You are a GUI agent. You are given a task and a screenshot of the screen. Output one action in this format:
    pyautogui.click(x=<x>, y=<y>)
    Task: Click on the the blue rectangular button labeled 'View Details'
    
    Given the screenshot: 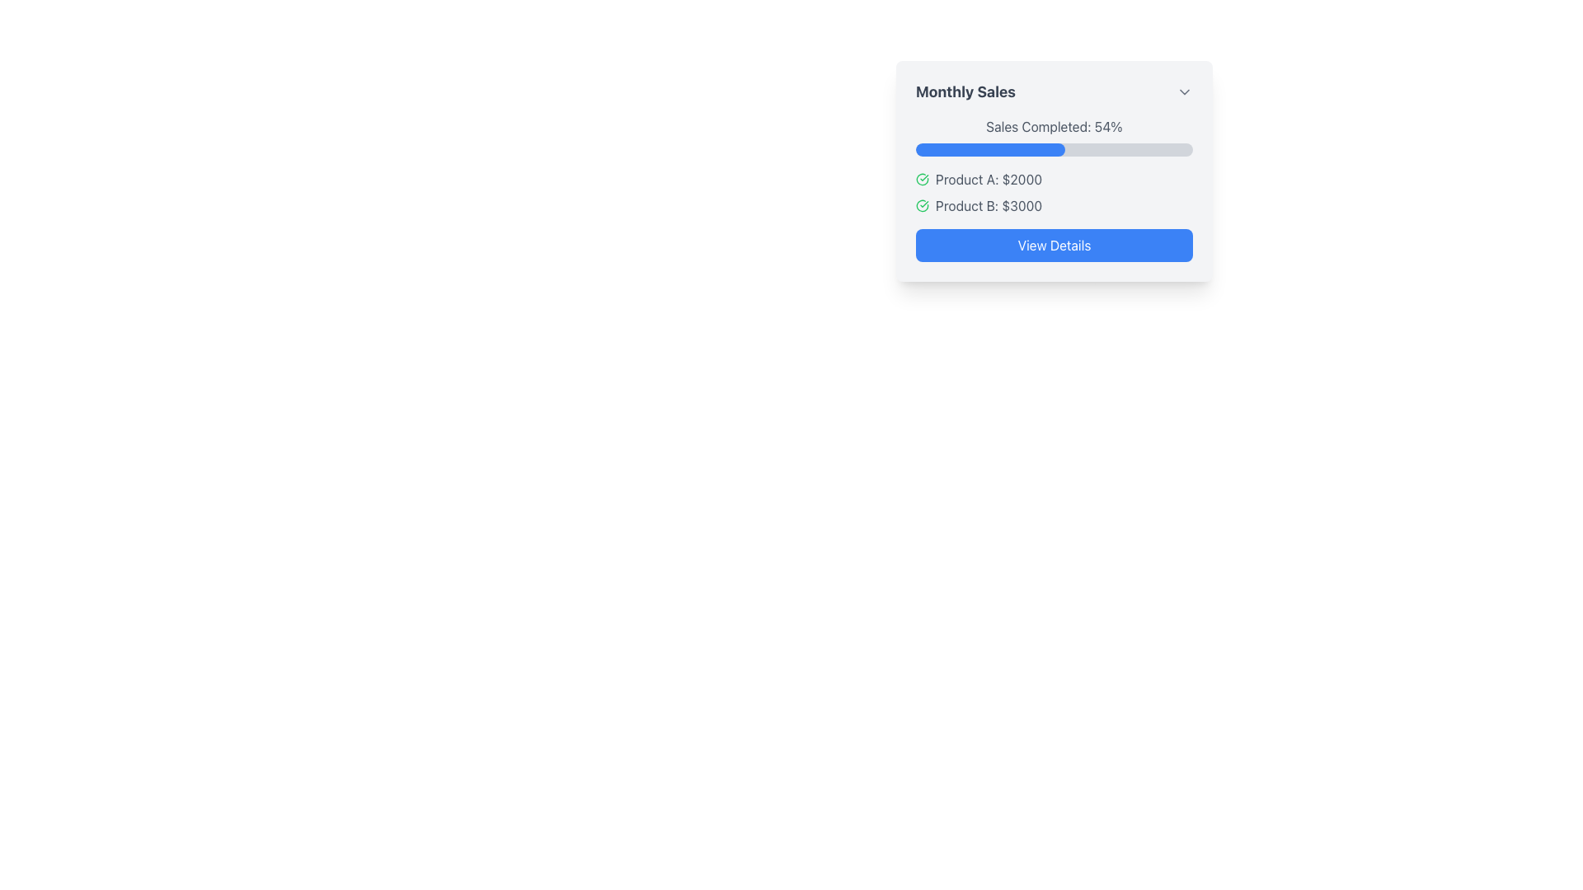 What is the action you would take?
    pyautogui.click(x=1053, y=245)
    